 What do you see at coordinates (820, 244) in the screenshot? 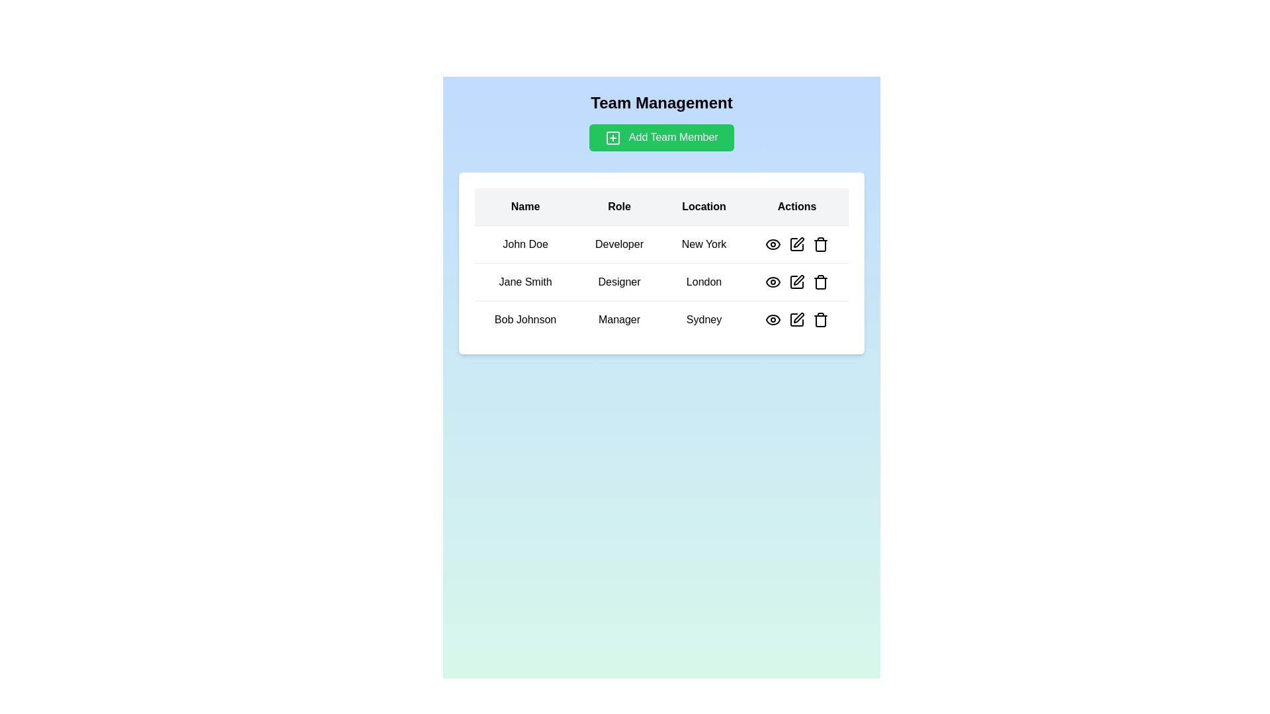
I see `the delete button located in the 'Actions' column of the first row in the table, which is the rightmost icon among a set of three interactive icons (view, edit, delete) to initiate the deletion action` at bounding box center [820, 244].